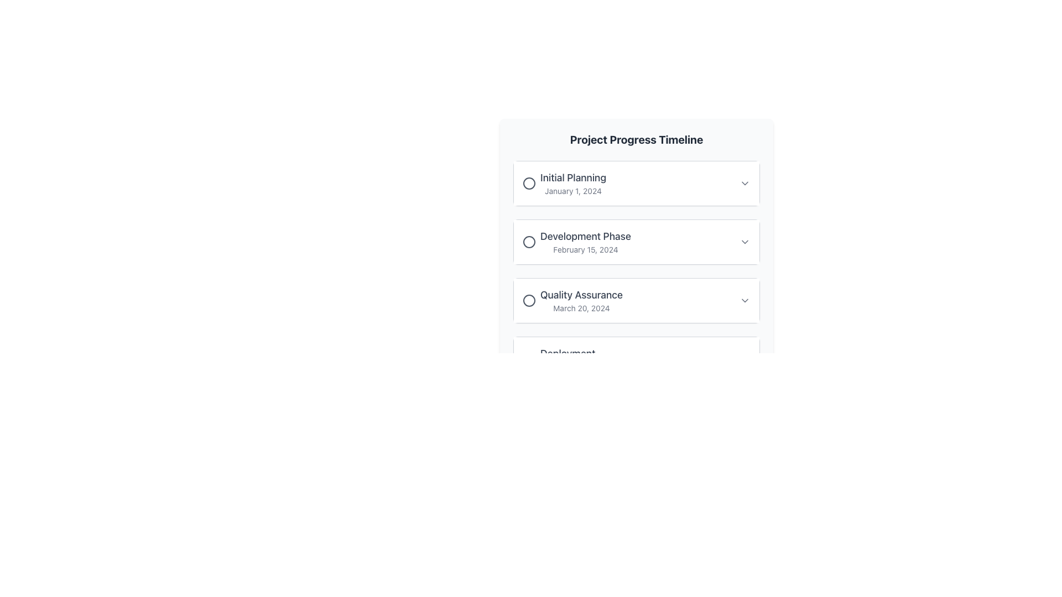  I want to click on the graphical icon resembling a hollow circle outlined in gray, located to the left of the text 'Development Phase February 15, 2024', so click(528, 242).